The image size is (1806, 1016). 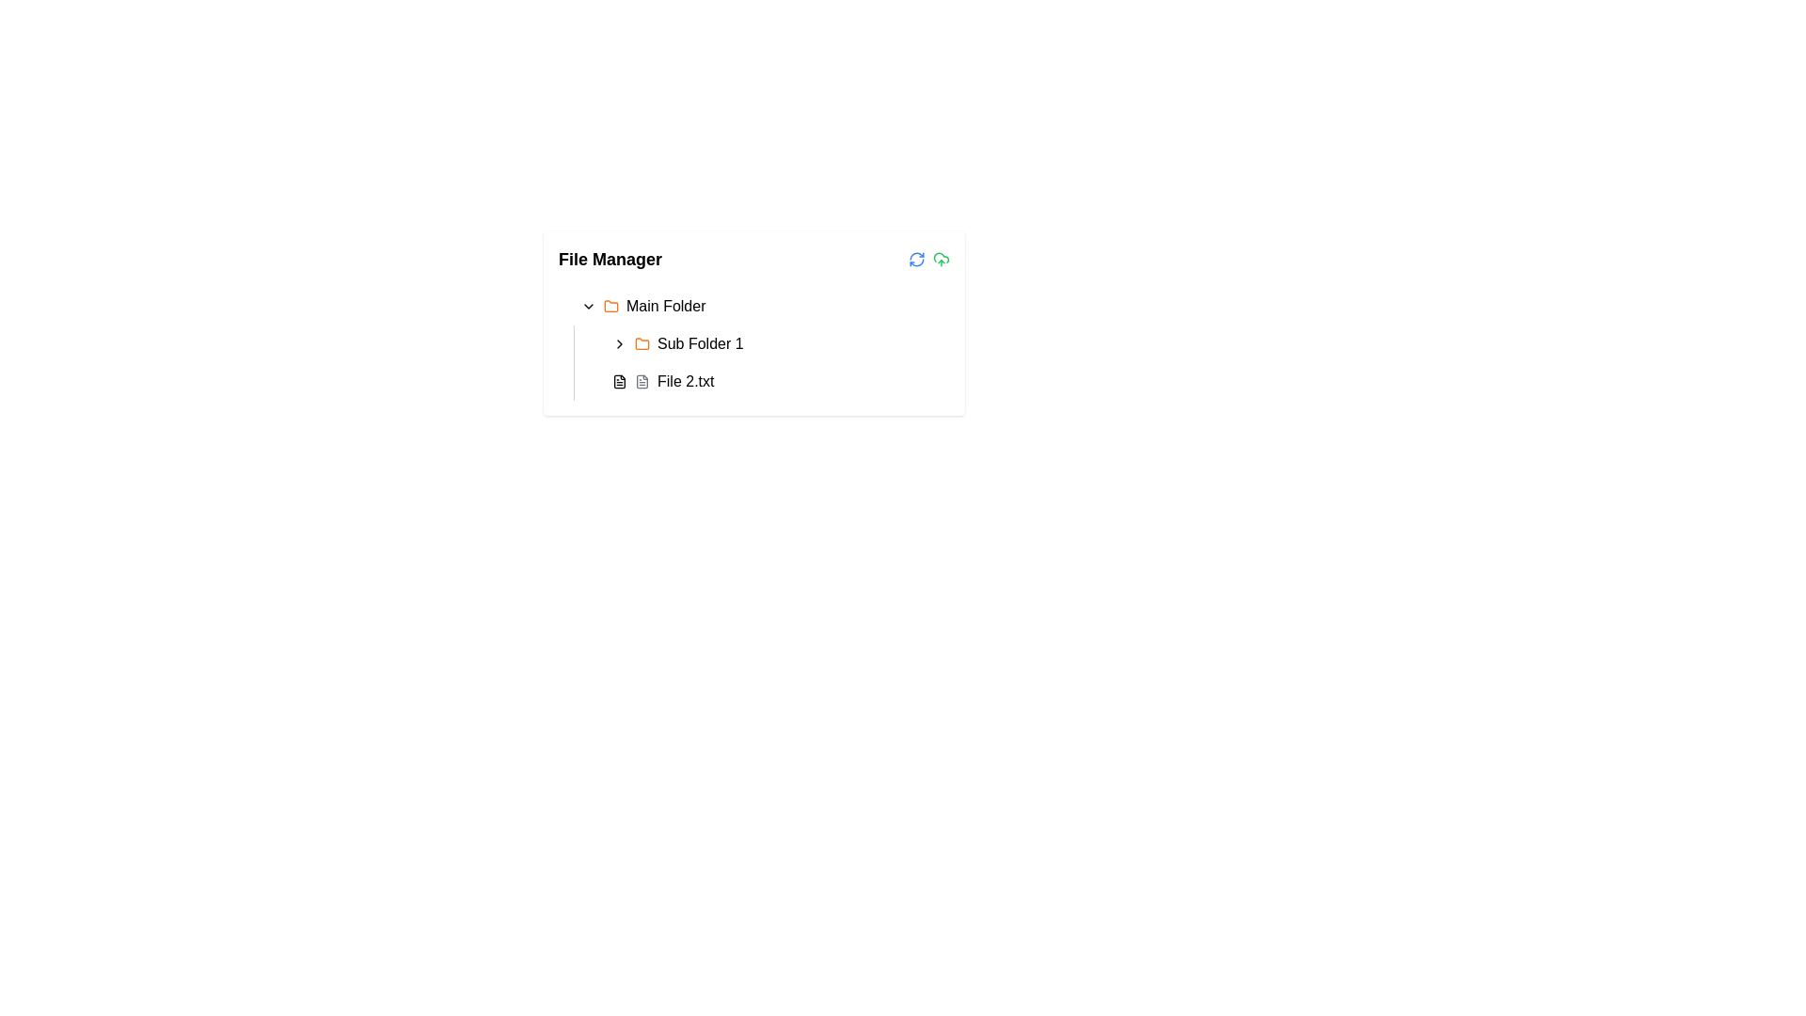 I want to click on the text file icon located in the leftmost region of the 'File 2.txt' row in the file manager interface, so click(x=642, y=381).